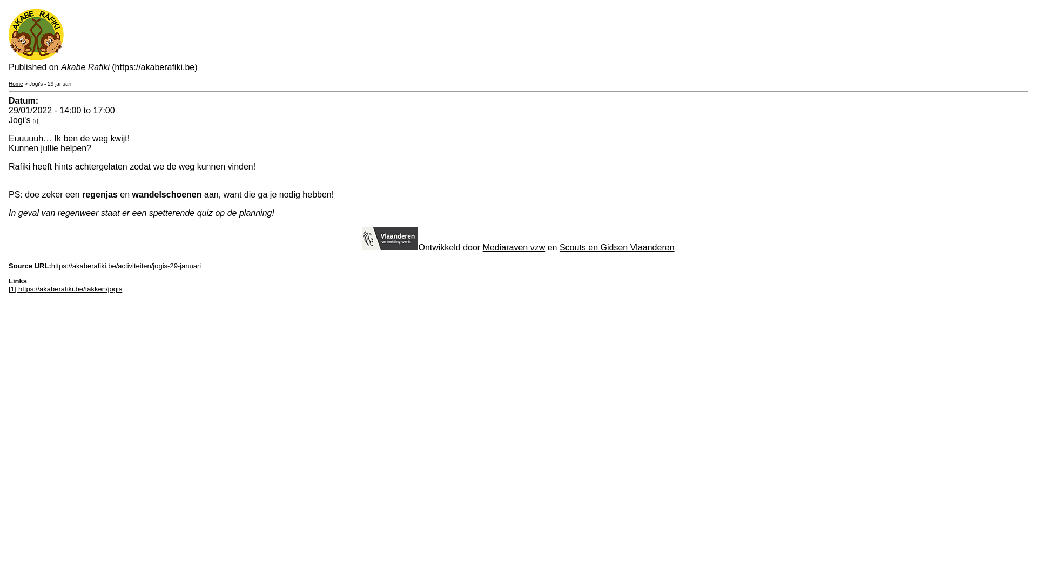  Describe the element at coordinates (8, 83) in the screenshot. I see `'Home'` at that location.